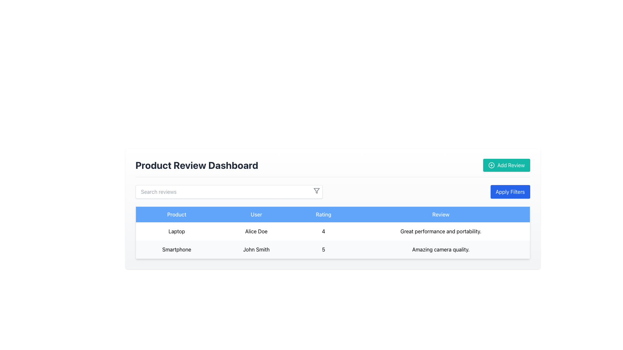 Image resolution: width=623 pixels, height=350 pixels. I want to click on the Text Display containing the text 'Amazing camera quality.' located in the fourth column of the second data row of a table, so click(441, 249).